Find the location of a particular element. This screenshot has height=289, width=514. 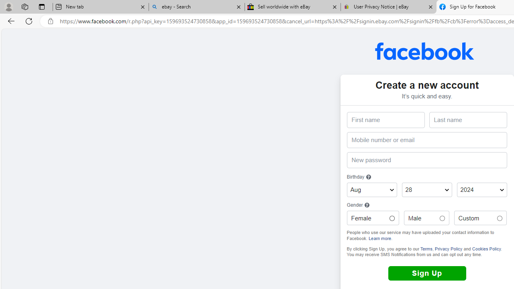

'First name' is located at coordinates (385, 120).